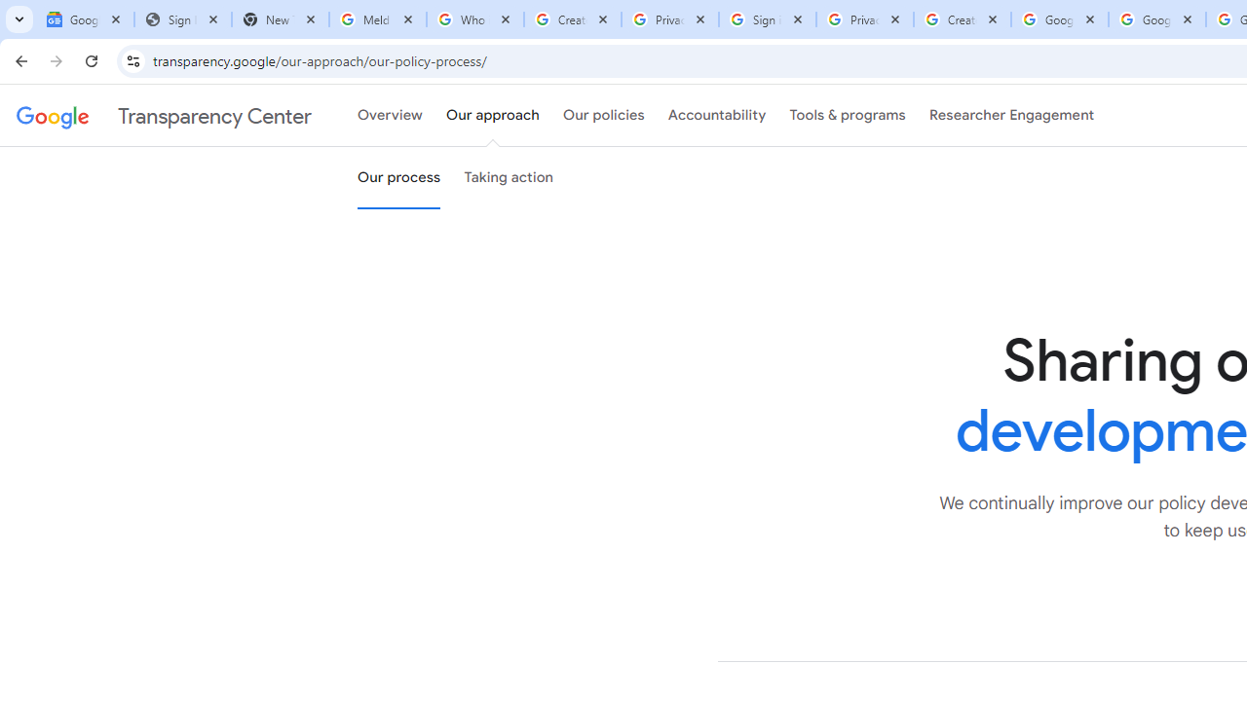  What do you see at coordinates (164, 116) in the screenshot?
I see `'Transparency Center'` at bounding box center [164, 116].